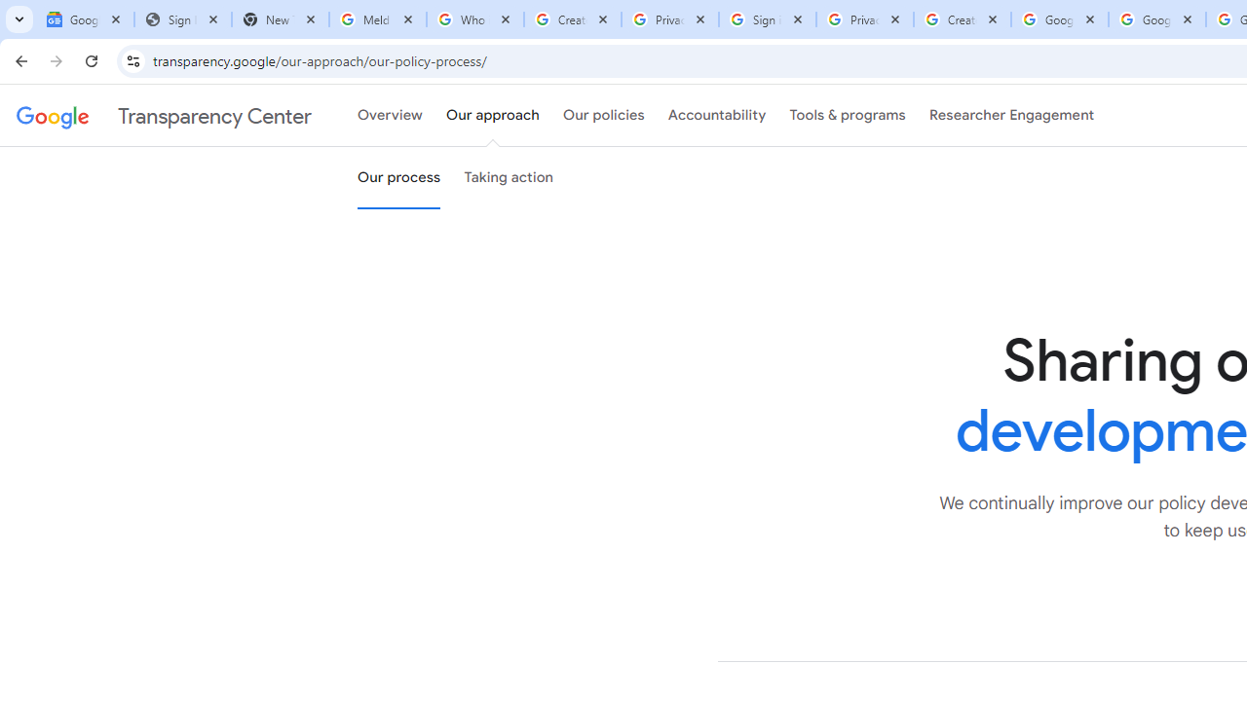  What do you see at coordinates (164, 116) in the screenshot?
I see `'Transparency Center'` at bounding box center [164, 116].